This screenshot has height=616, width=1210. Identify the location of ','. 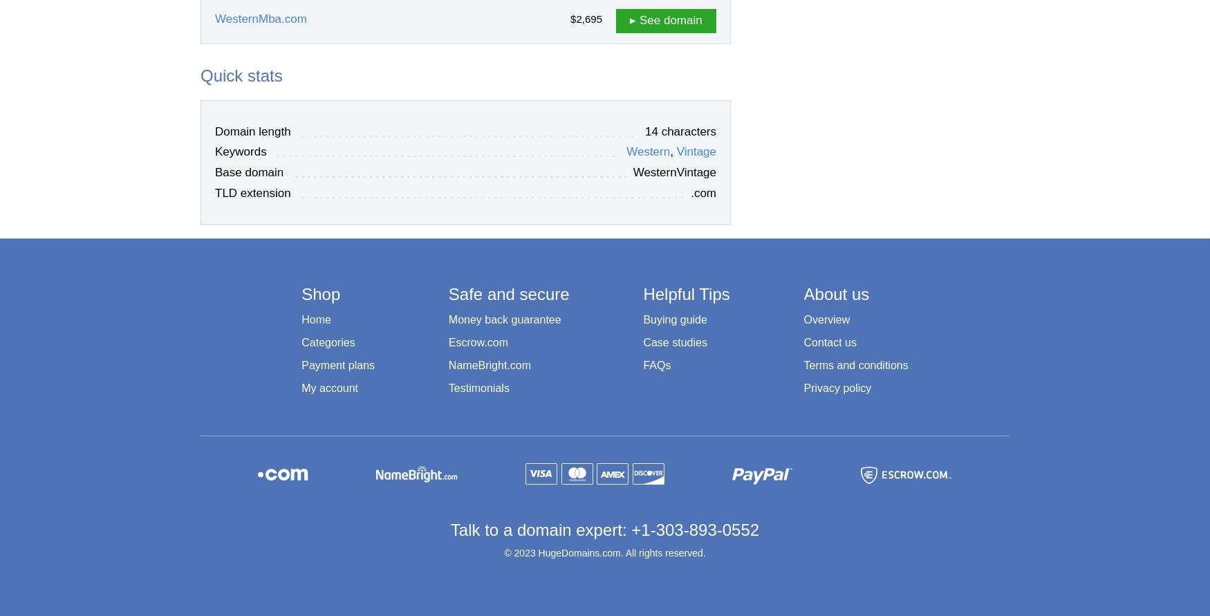
(673, 151).